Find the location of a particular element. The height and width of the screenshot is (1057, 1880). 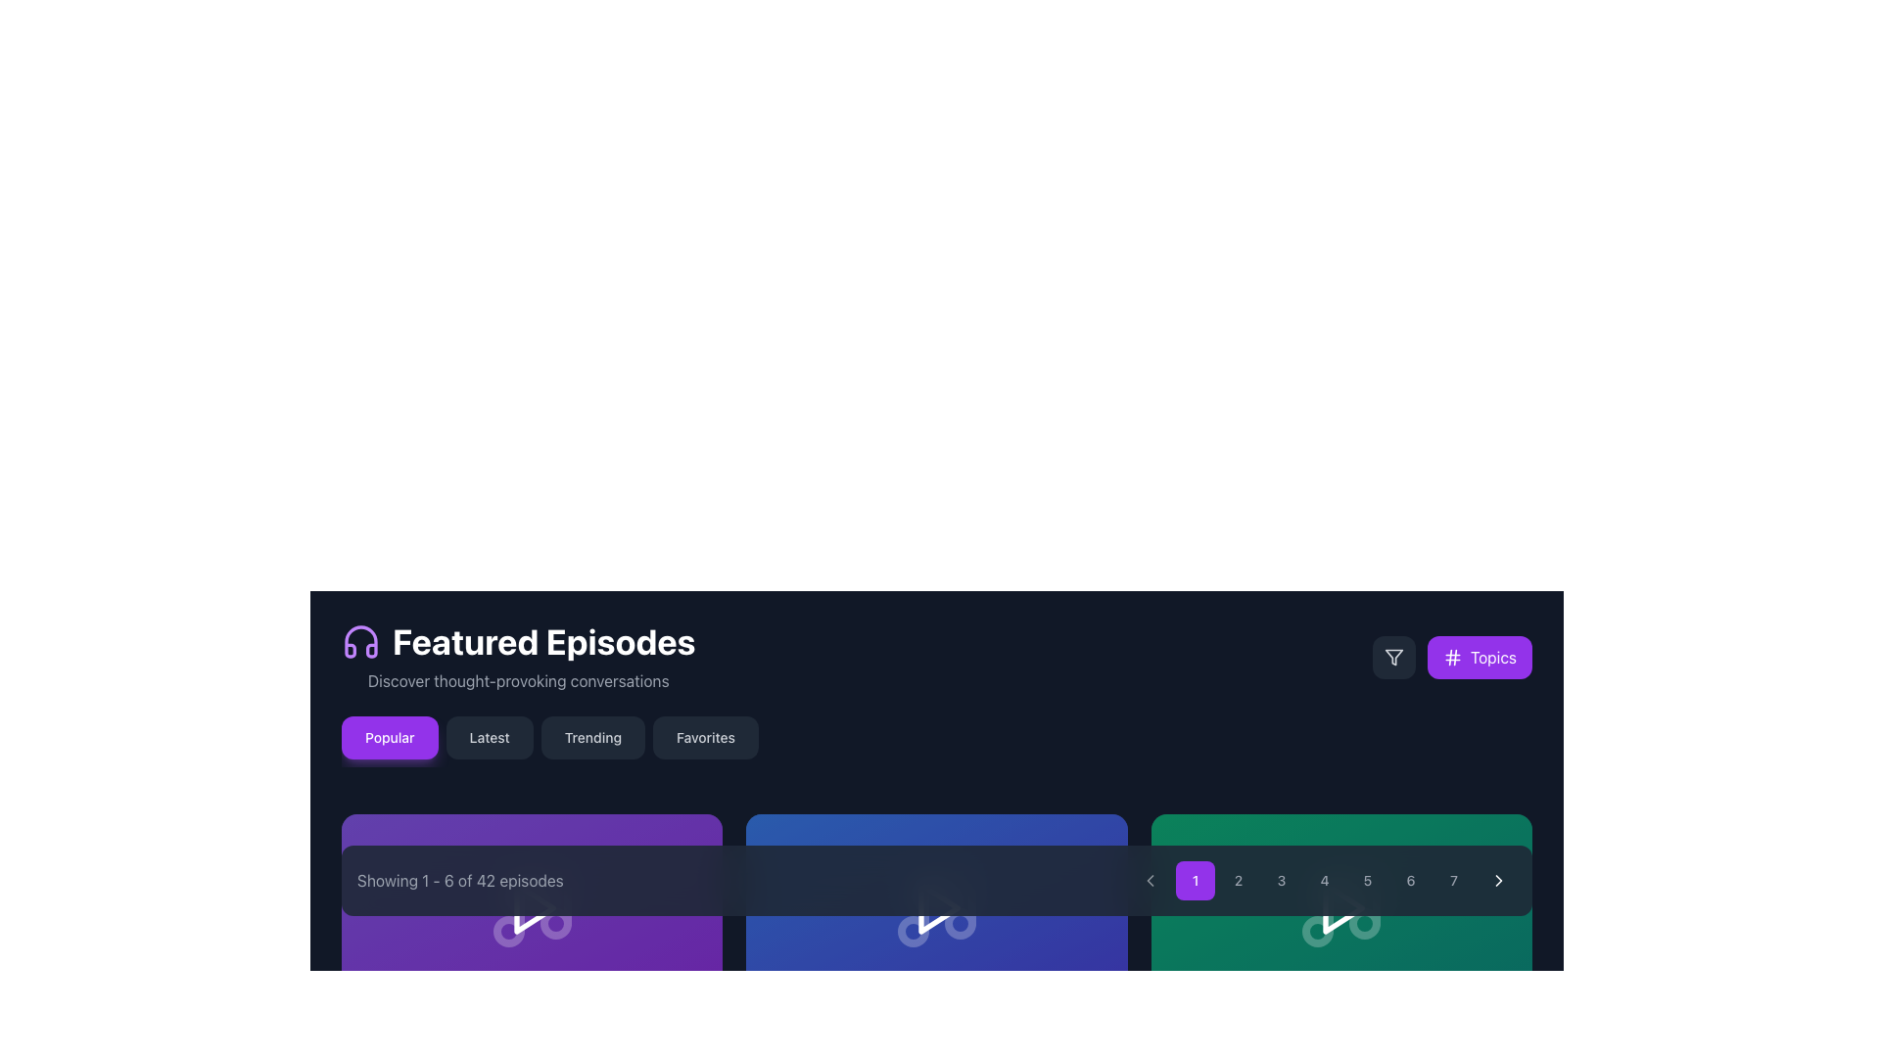

the right-facing chevron icon embedded is located at coordinates (1498, 879).